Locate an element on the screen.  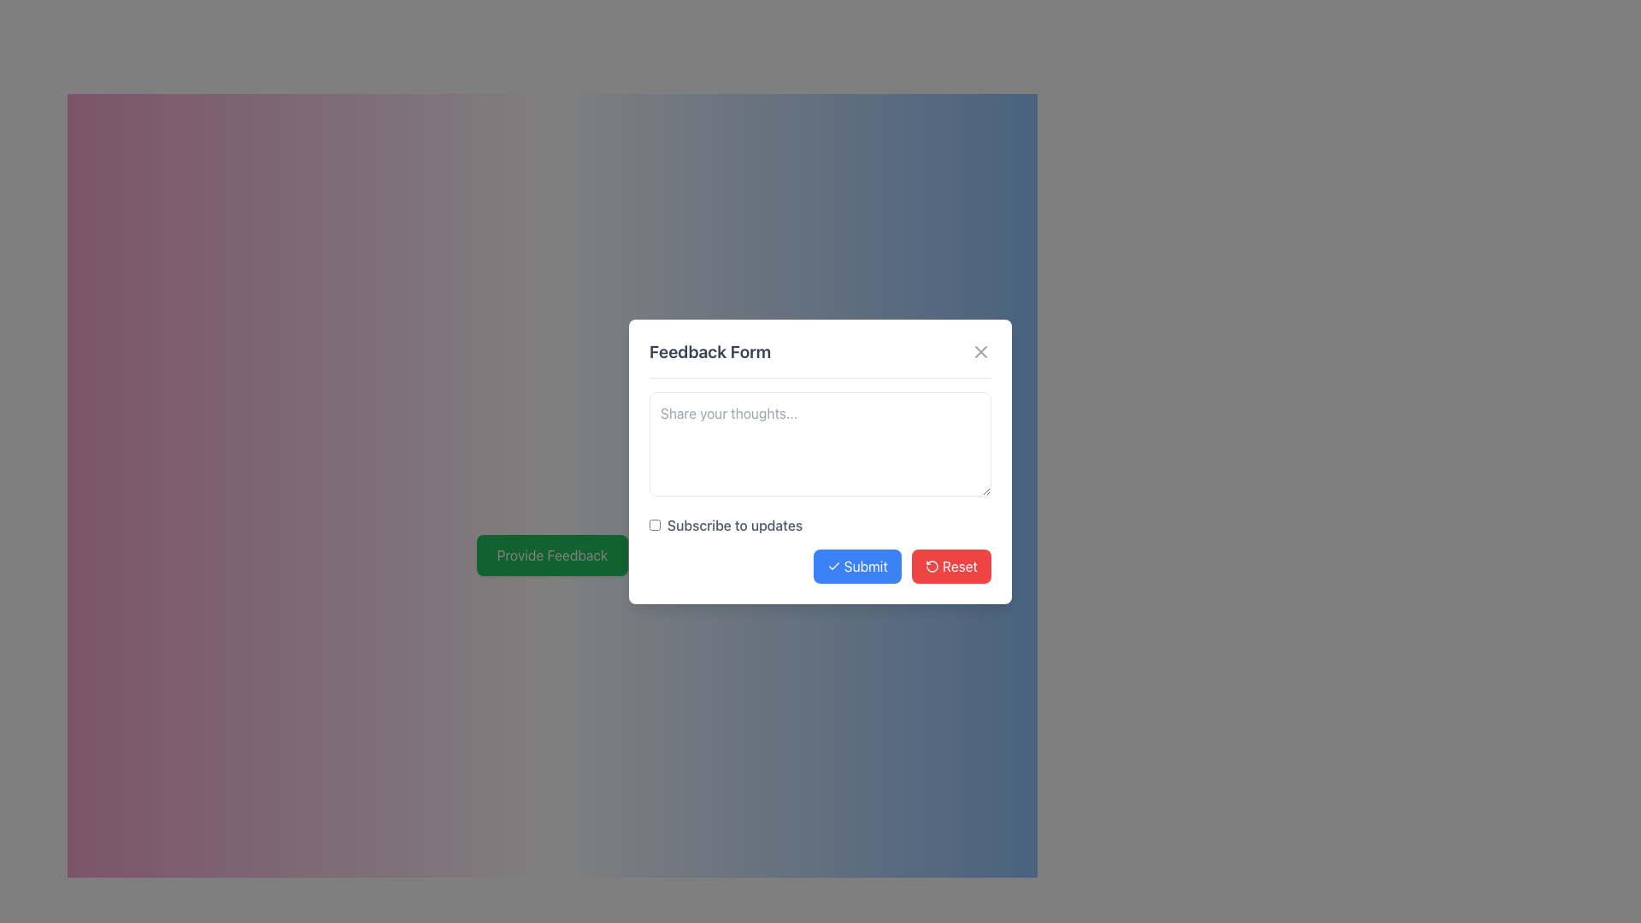
the text label titled 'Subscribe to updates', which is styled in medium gray font and is part of a subscription option in the feedback form modal is located at coordinates (726, 524).